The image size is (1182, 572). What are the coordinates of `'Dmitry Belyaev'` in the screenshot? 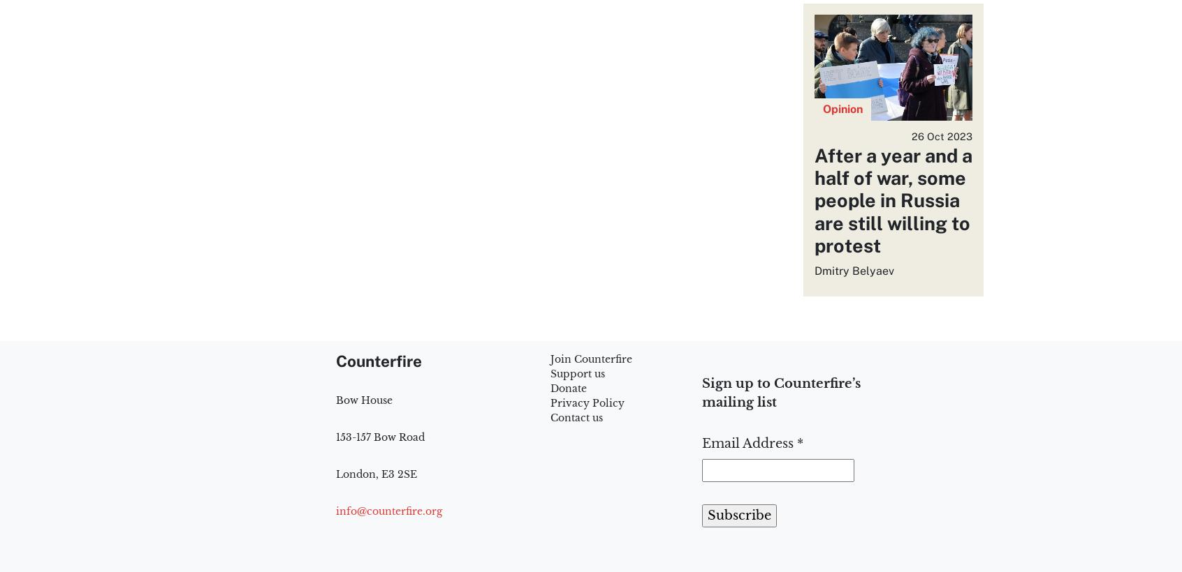 It's located at (812, 270).